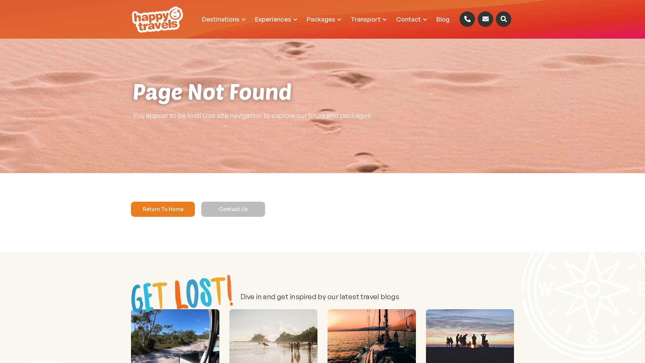  What do you see at coordinates (411, 19) in the screenshot?
I see `'Contact'` at bounding box center [411, 19].